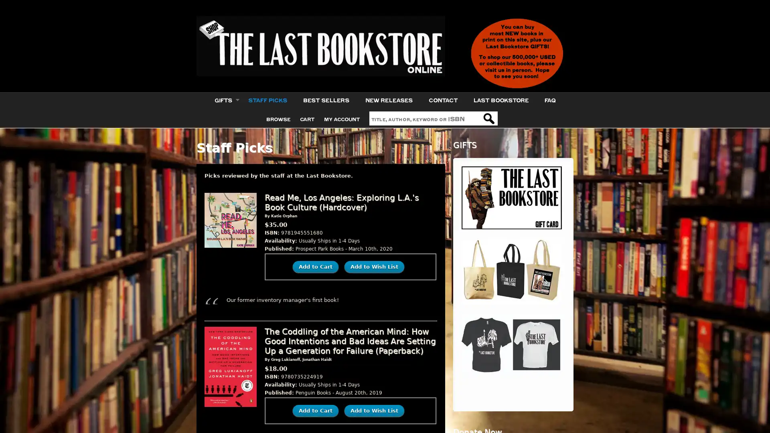  What do you see at coordinates (315, 410) in the screenshot?
I see `Add to Cart` at bounding box center [315, 410].